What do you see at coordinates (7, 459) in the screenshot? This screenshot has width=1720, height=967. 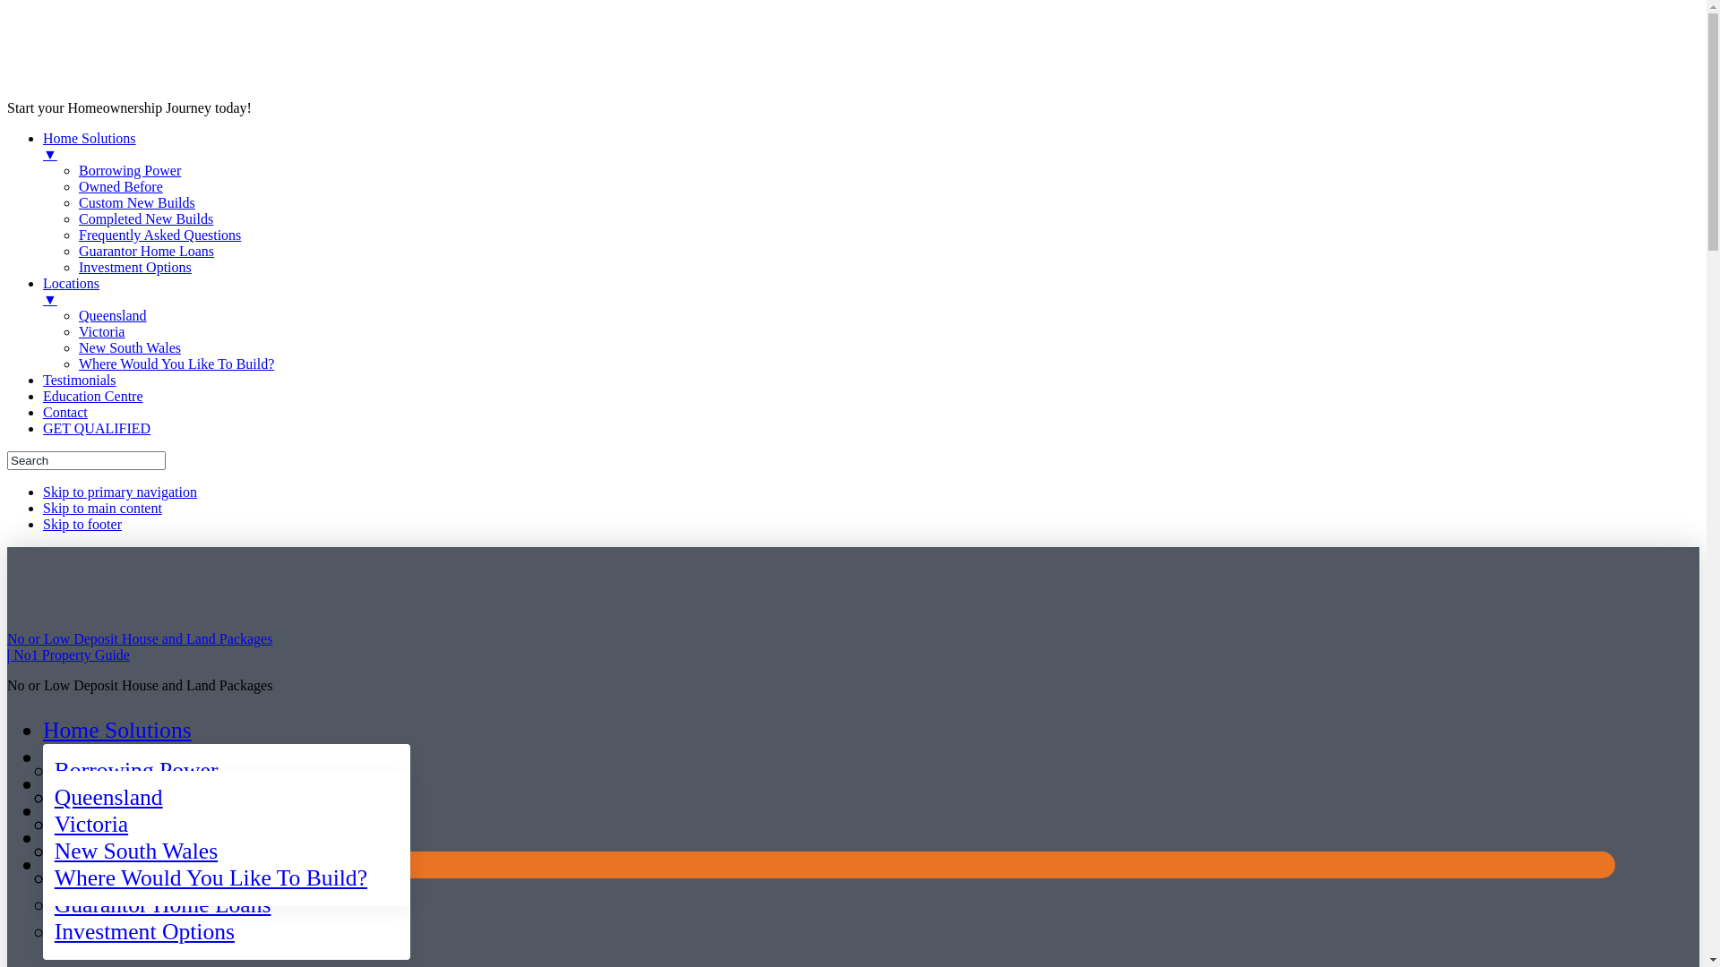 I see `'Search'` at bounding box center [7, 459].